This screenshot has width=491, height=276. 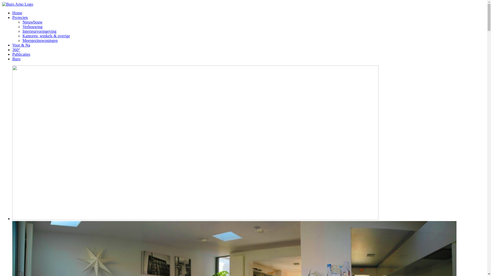 What do you see at coordinates (2, 2) in the screenshot?
I see `'Skip to content'` at bounding box center [2, 2].